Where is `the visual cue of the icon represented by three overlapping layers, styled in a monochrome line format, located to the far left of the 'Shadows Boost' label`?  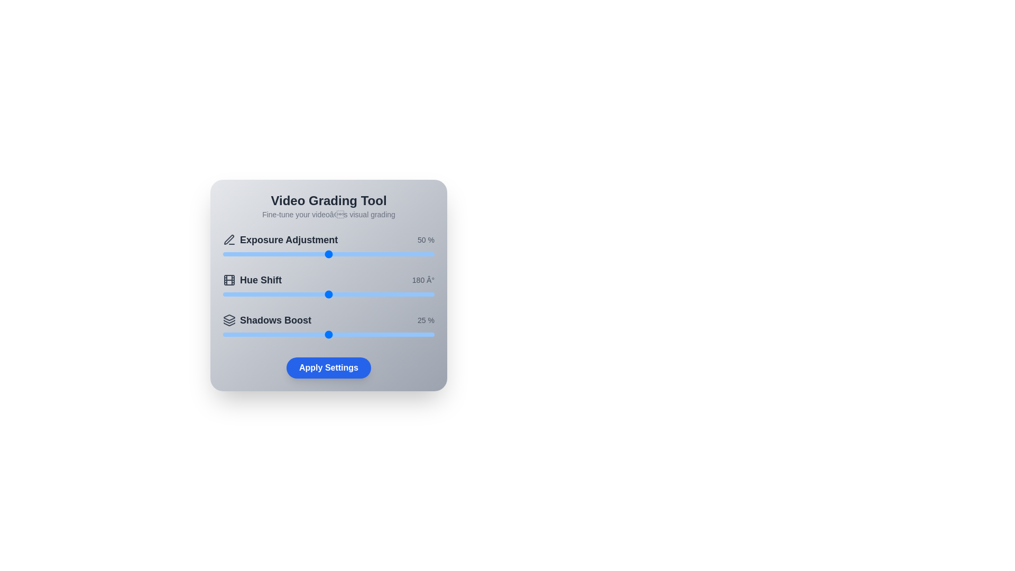 the visual cue of the icon represented by three overlapping layers, styled in a monochrome line format, located to the far left of the 'Shadows Boost' label is located at coordinates (228, 319).